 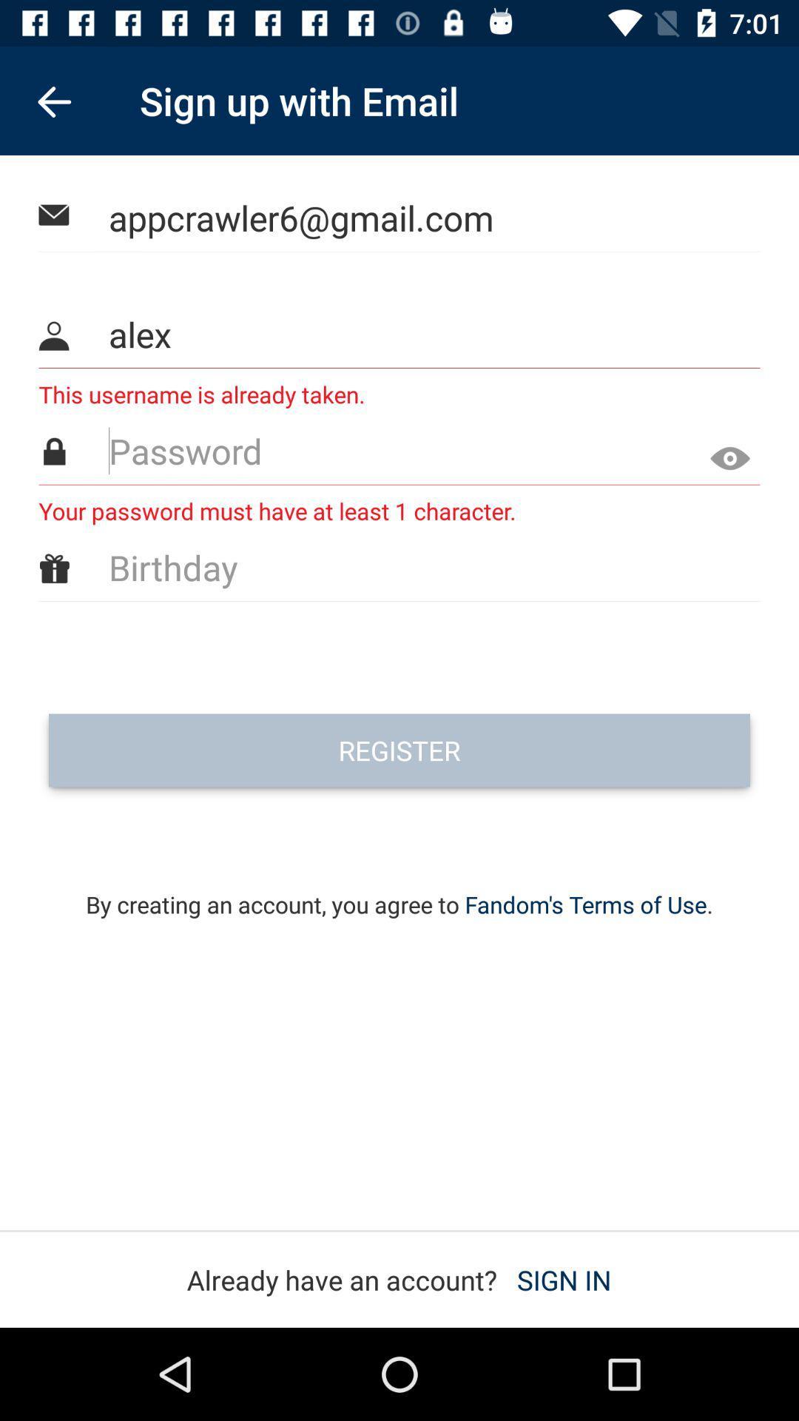 I want to click on by creating an icon, so click(x=399, y=884).